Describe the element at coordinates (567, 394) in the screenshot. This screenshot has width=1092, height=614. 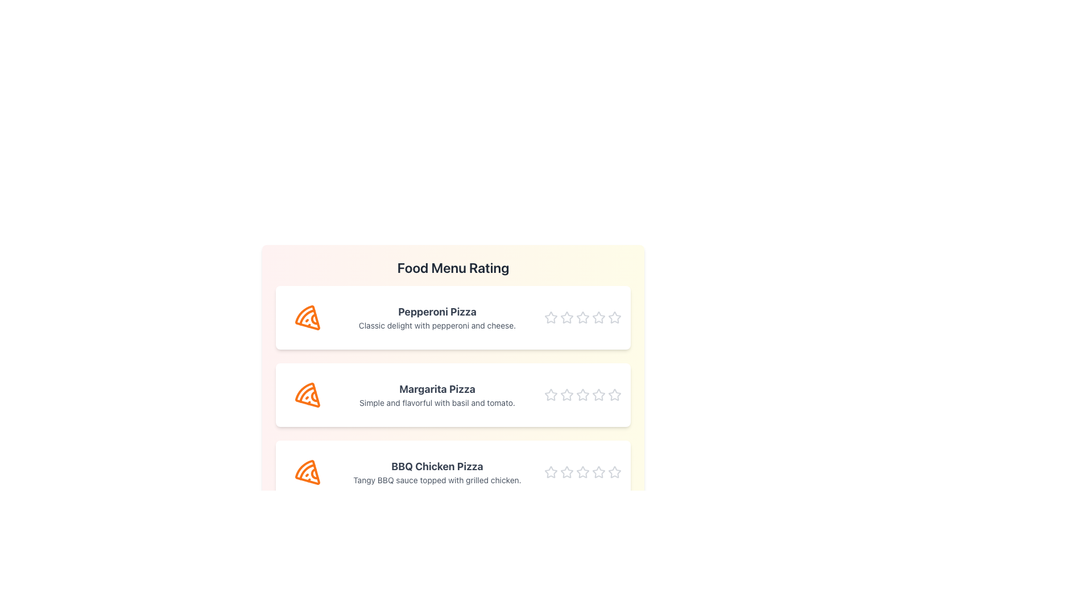
I see `the second star icon in the rating system for 'Margarita Pizza'` at that location.